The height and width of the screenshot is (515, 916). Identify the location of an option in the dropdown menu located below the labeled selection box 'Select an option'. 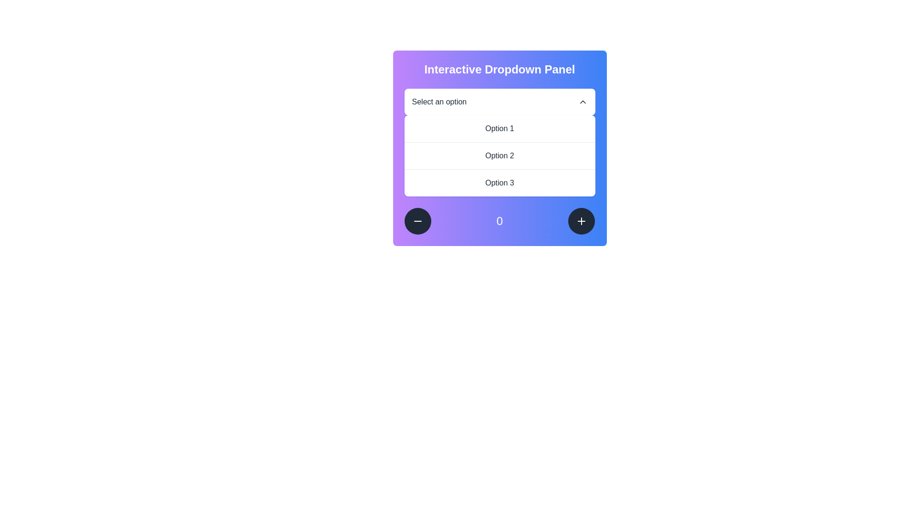
(499, 155).